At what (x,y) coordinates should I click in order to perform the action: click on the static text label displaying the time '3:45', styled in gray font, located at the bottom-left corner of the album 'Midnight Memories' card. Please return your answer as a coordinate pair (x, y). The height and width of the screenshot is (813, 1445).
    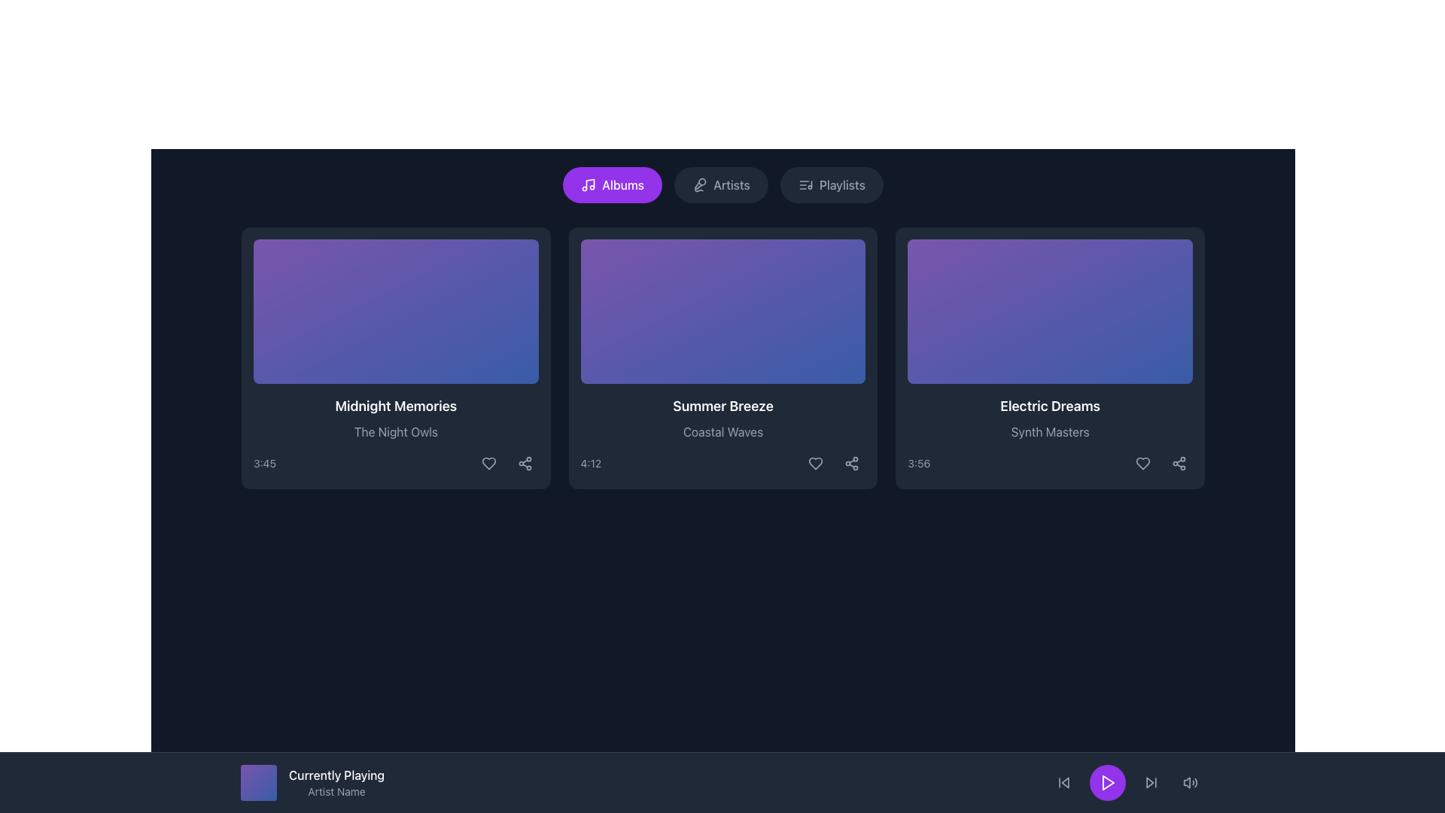
    Looking at the image, I should click on (264, 463).